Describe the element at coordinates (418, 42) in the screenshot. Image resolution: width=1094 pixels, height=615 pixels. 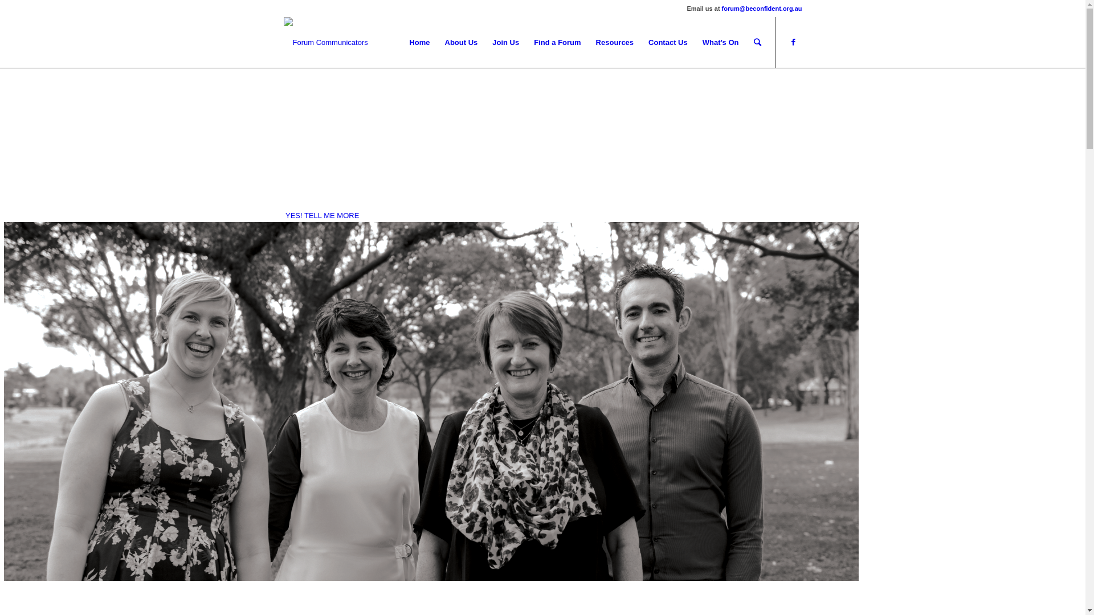
I see `'Home'` at that location.